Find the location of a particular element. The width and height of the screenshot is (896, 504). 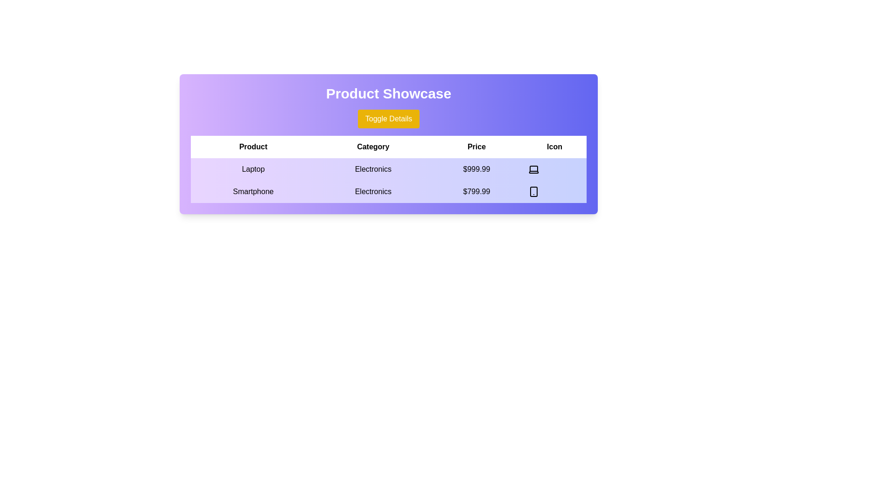

the button located below the 'Product Showcase' title is located at coordinates (389, 118).